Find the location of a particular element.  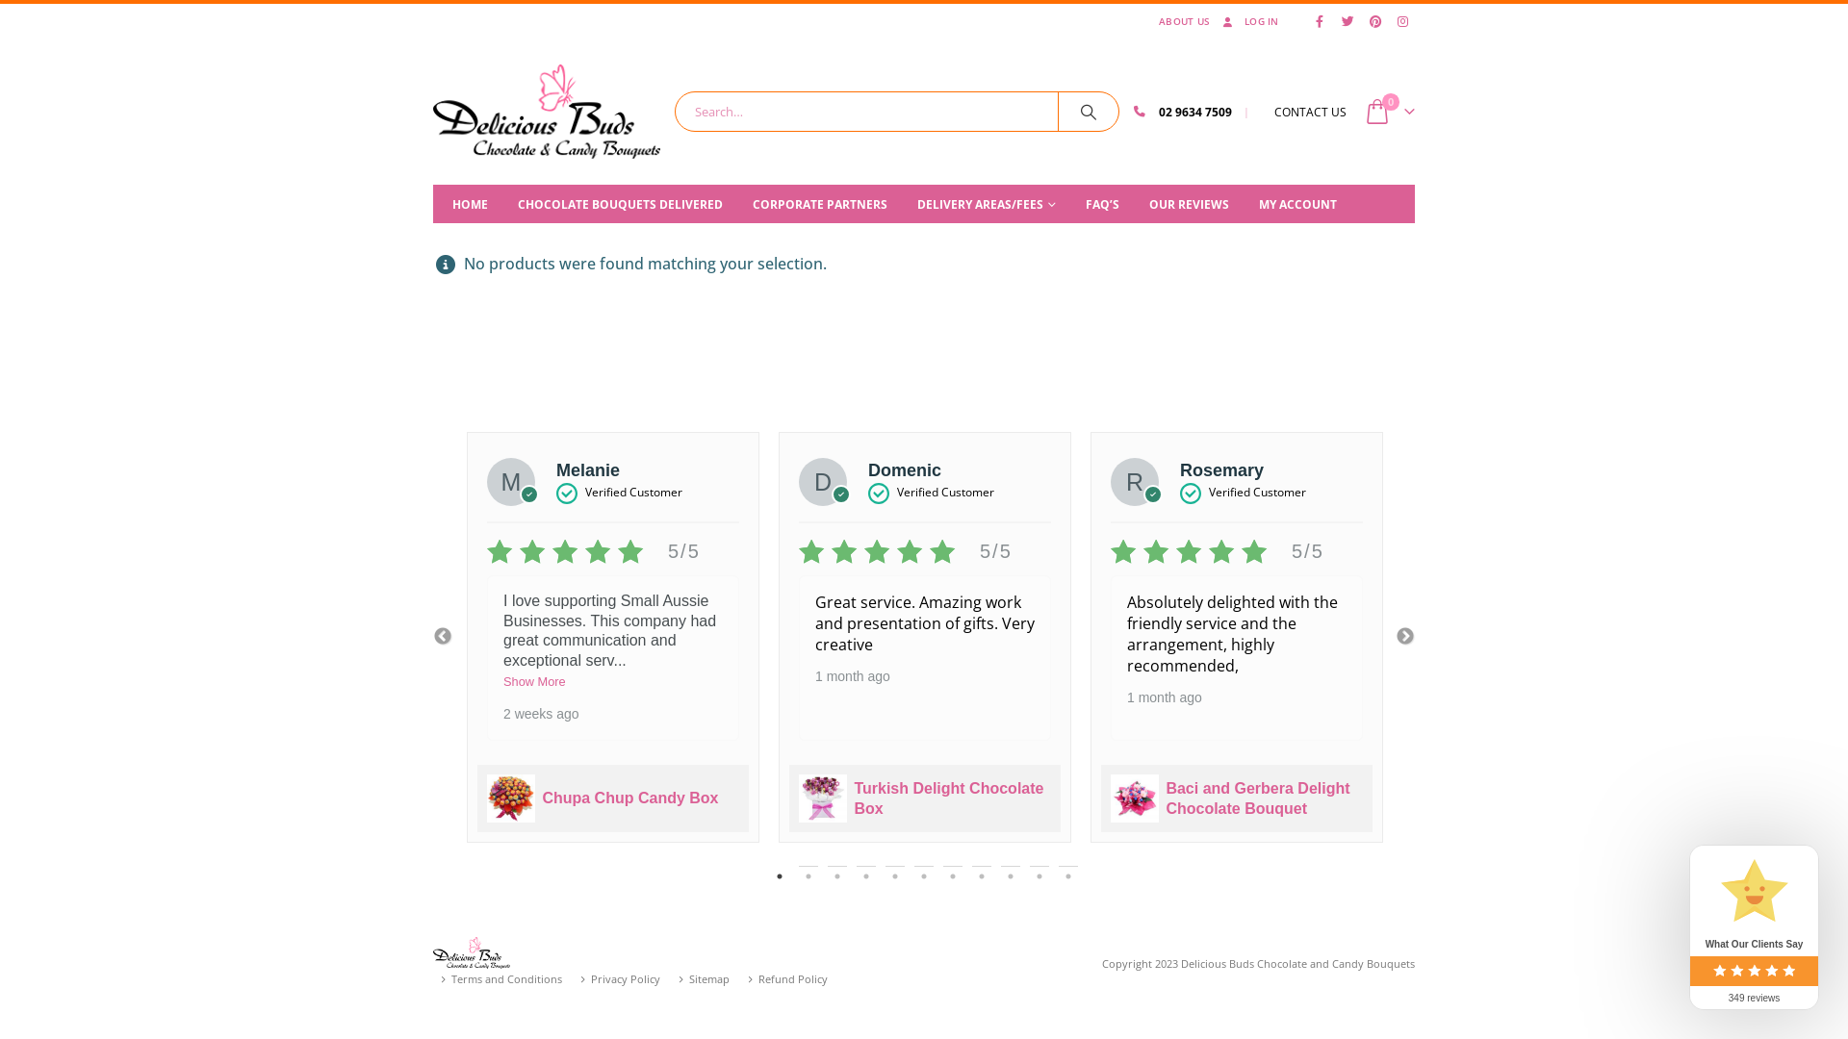

'02 9634 7509' is located at coordinates (1194, 111).